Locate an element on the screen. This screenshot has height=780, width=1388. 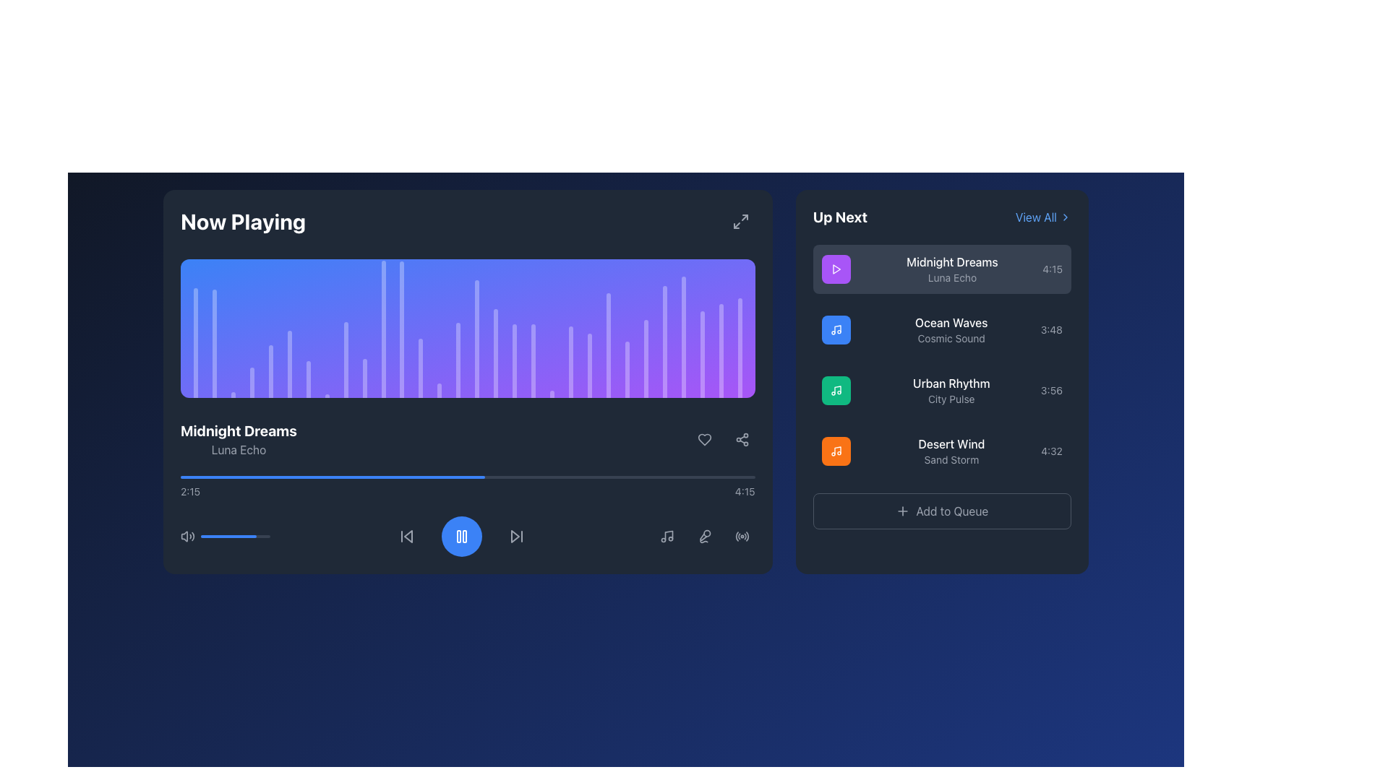
the gray music note icon button located at the bottom center of the main media control bar is located at coordinates (665, 537).